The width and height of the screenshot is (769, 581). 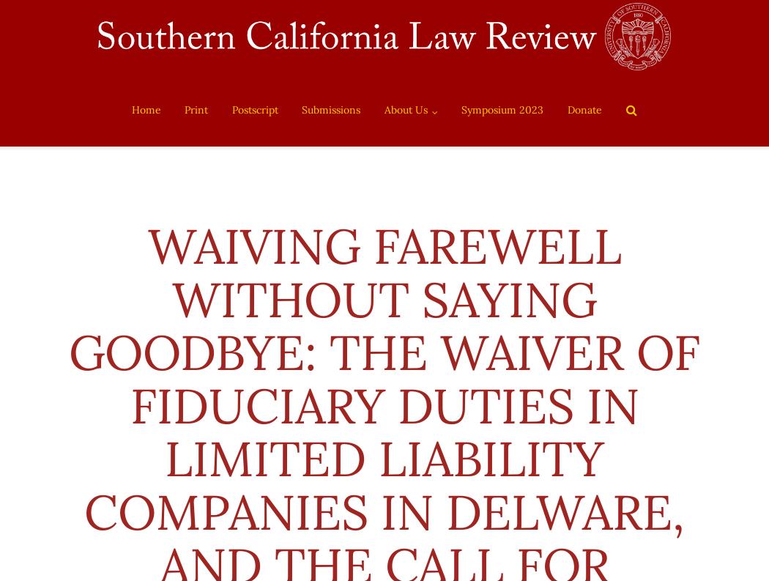 I want to click on 'The Greenbook', so click(x=430, y=234).